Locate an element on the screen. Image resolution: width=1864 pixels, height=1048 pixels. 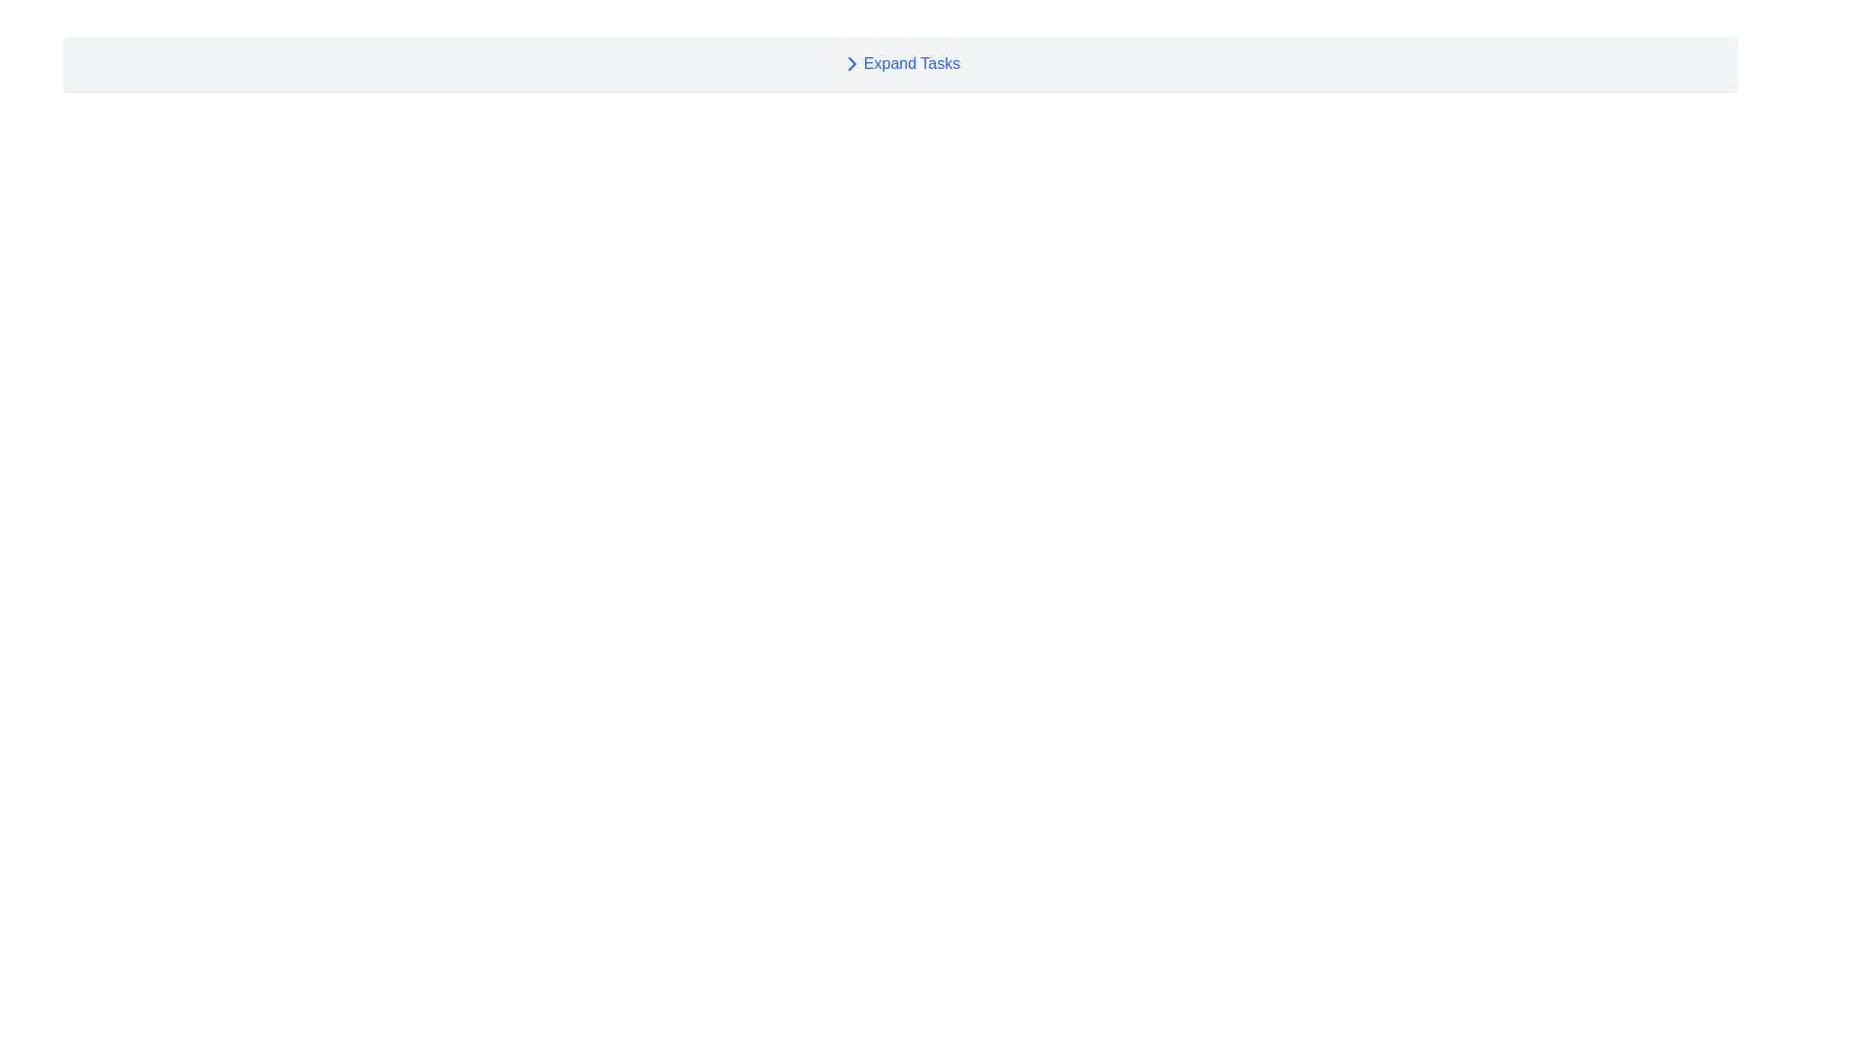
the 'Tasks' button is located at coordinates (898, 62).